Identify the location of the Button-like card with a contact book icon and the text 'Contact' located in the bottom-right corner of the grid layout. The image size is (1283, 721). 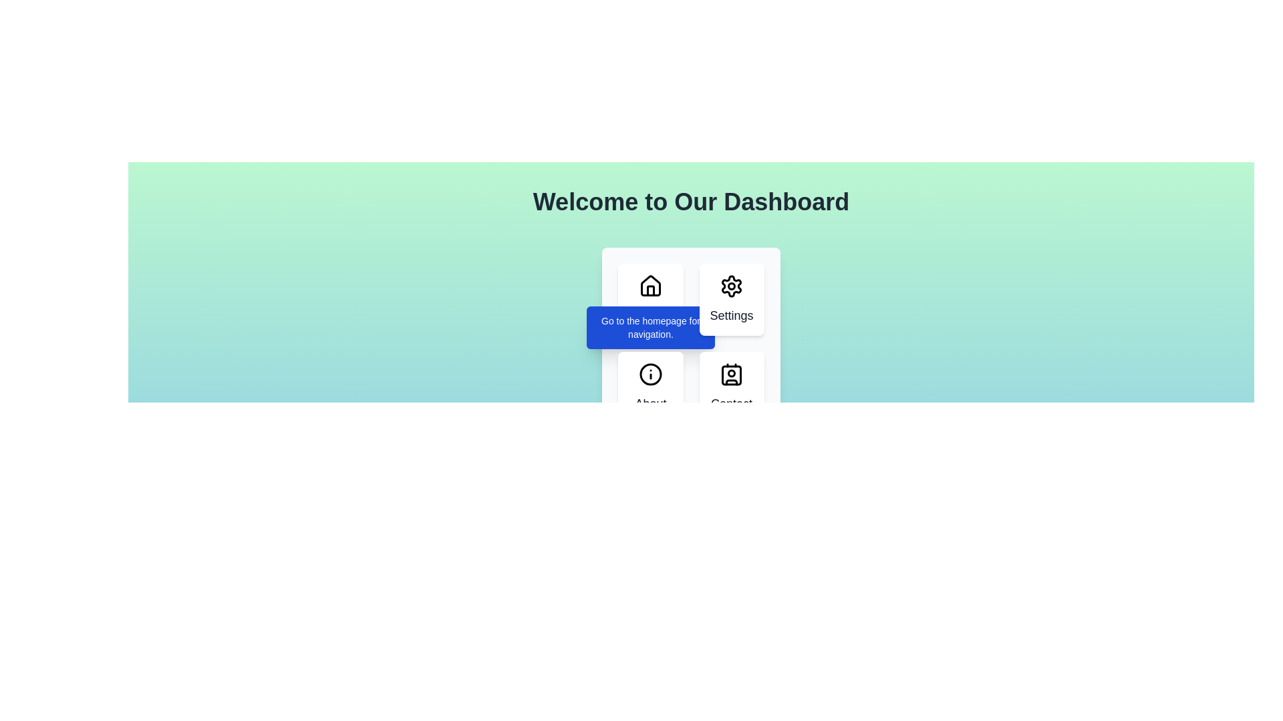
(730, 388).